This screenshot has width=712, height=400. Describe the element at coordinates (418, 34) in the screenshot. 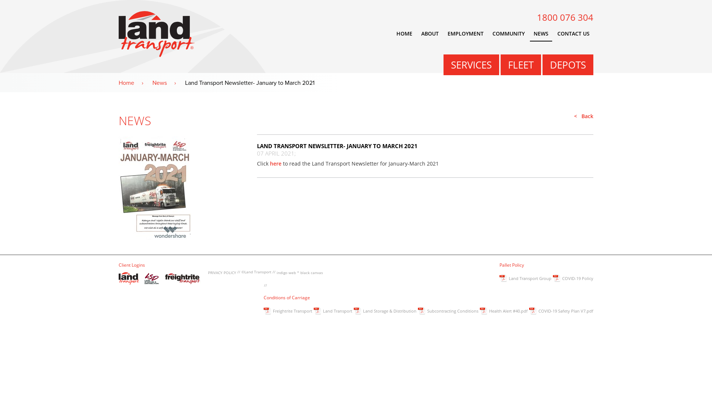

I see `'ABOUT'` at that location.